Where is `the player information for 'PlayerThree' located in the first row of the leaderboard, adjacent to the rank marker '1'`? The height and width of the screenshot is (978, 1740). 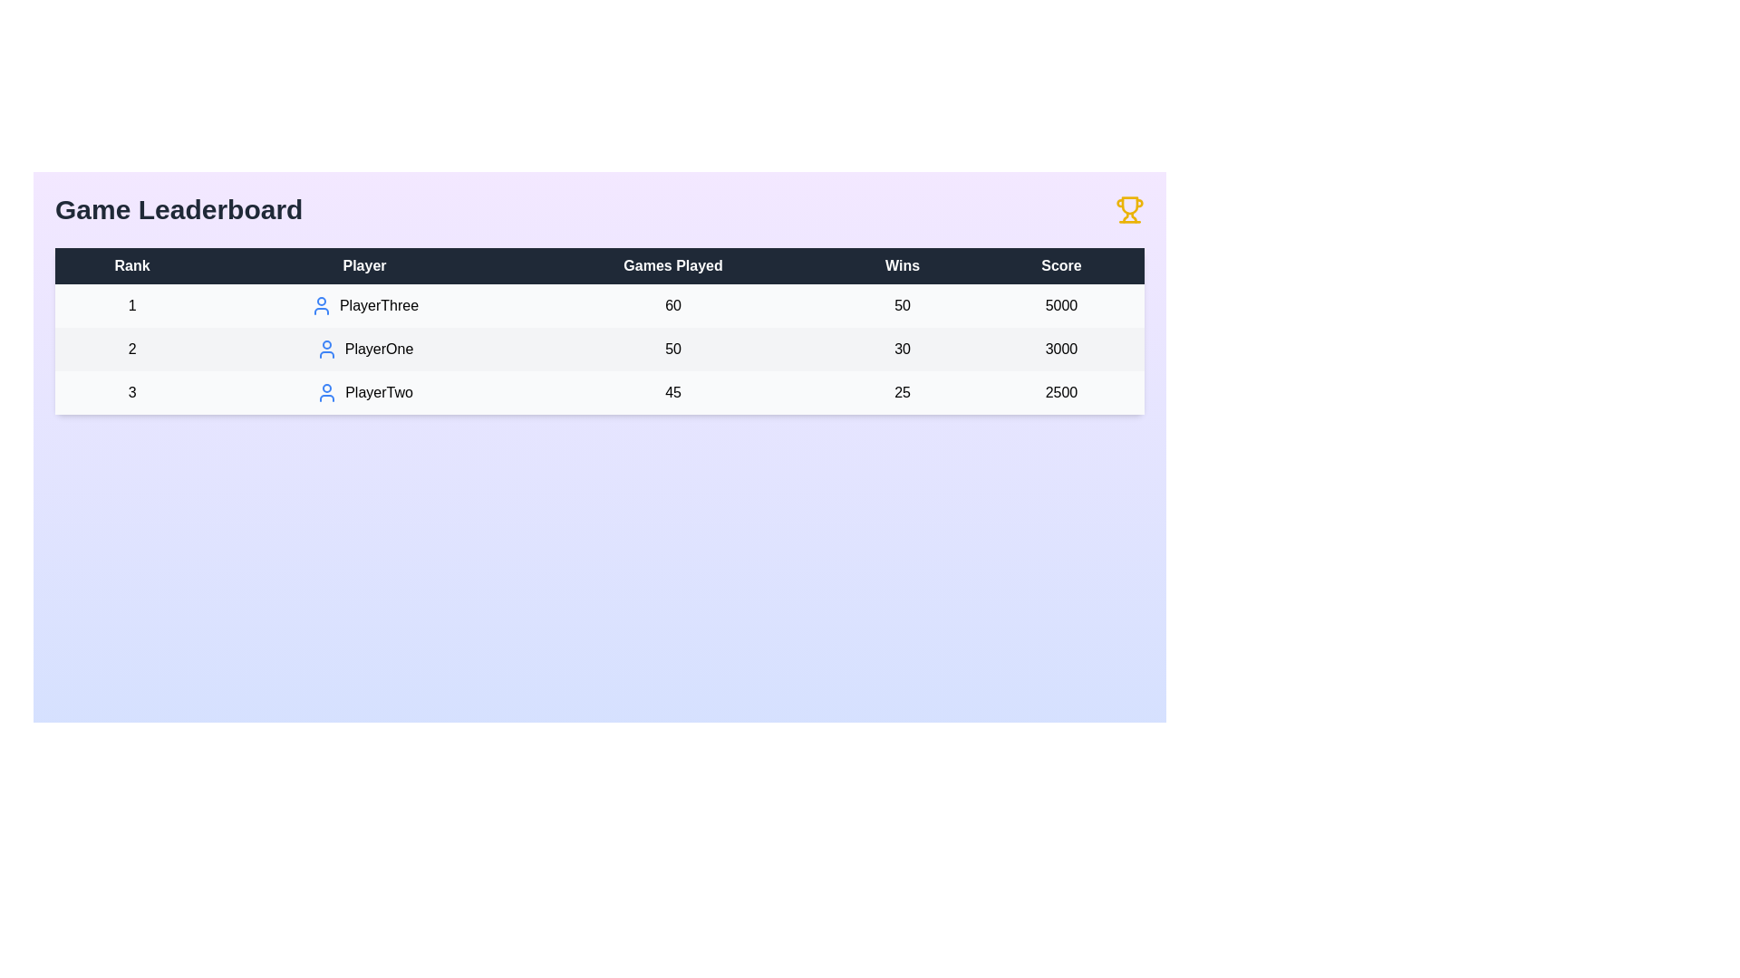 the player information for 'PlayerThree' located in the first row of the leaderboard, adjacent to the rank marker '1' is located at coordinates (363, 305).